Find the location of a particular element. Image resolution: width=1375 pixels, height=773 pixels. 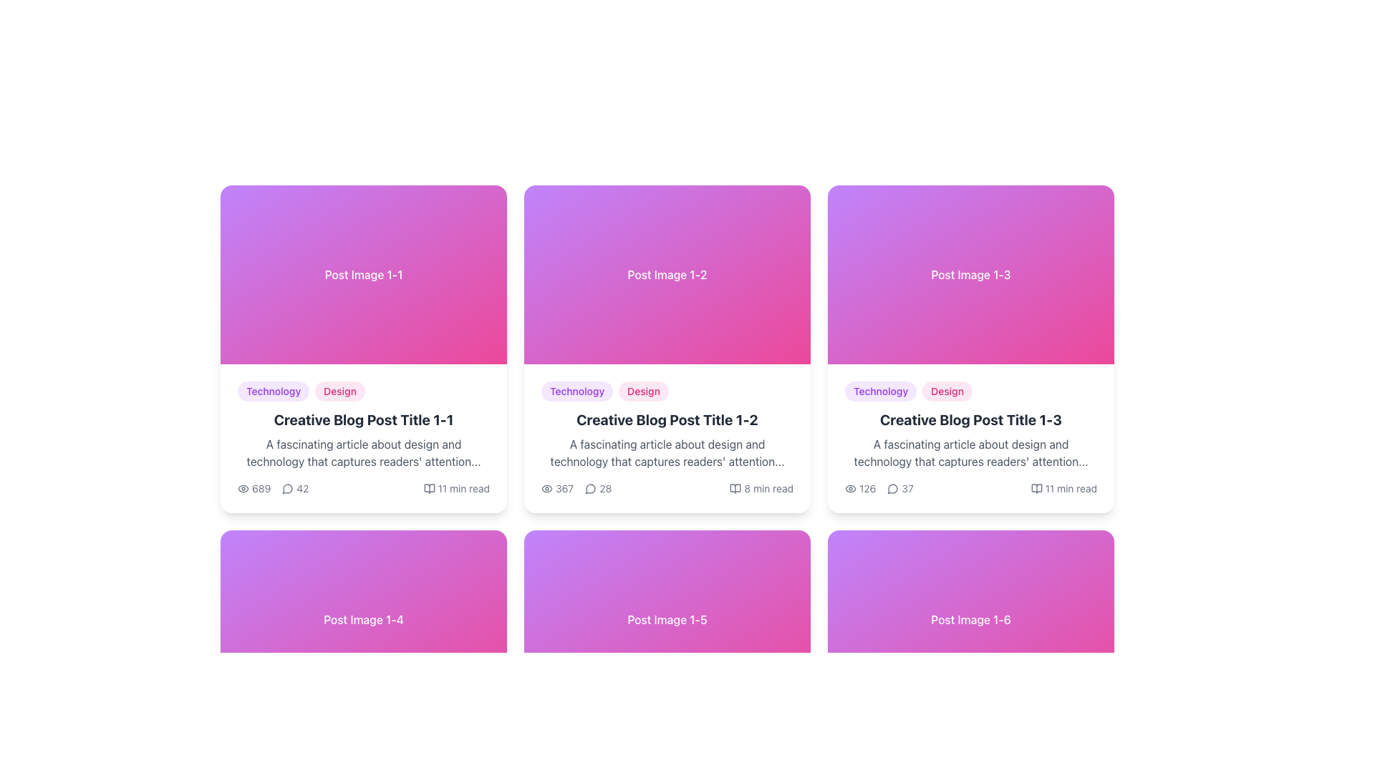

the rounded rectangular label with a light purple background and purple text that reads 'Technology', located within the post card labeled 'Creative Blog Post Title 1-3' is located at coordinates (880, 392).